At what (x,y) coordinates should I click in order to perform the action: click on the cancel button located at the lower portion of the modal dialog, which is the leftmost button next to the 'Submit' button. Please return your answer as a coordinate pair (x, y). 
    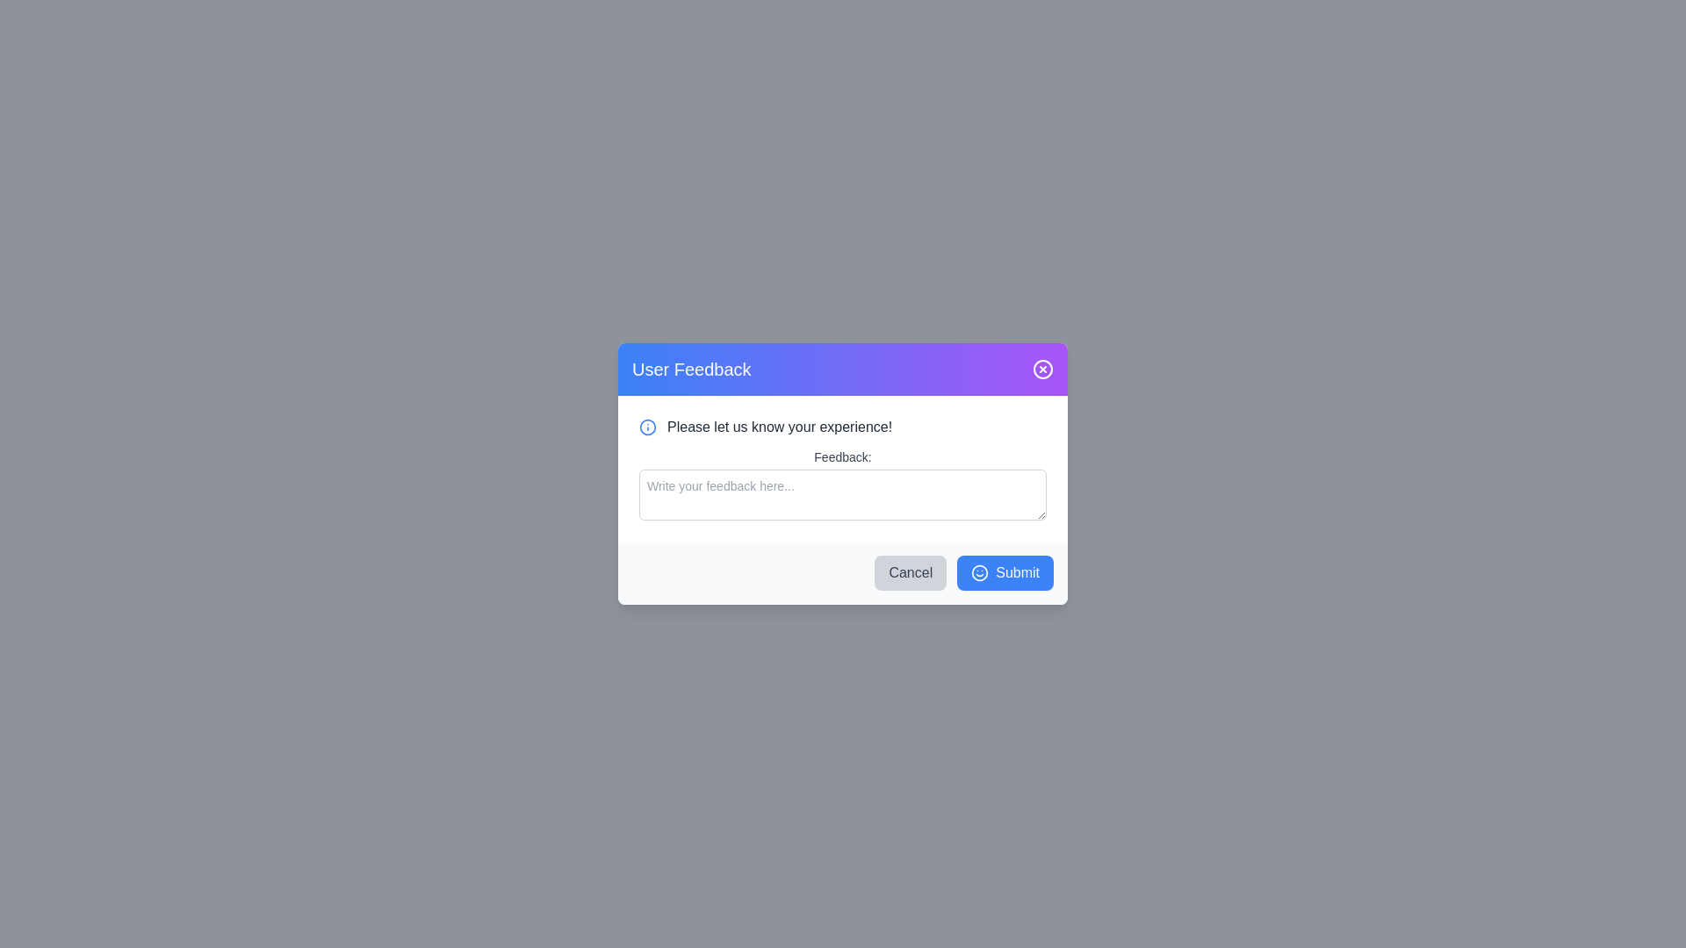
    Looking at the image, I should click on (911, 572).